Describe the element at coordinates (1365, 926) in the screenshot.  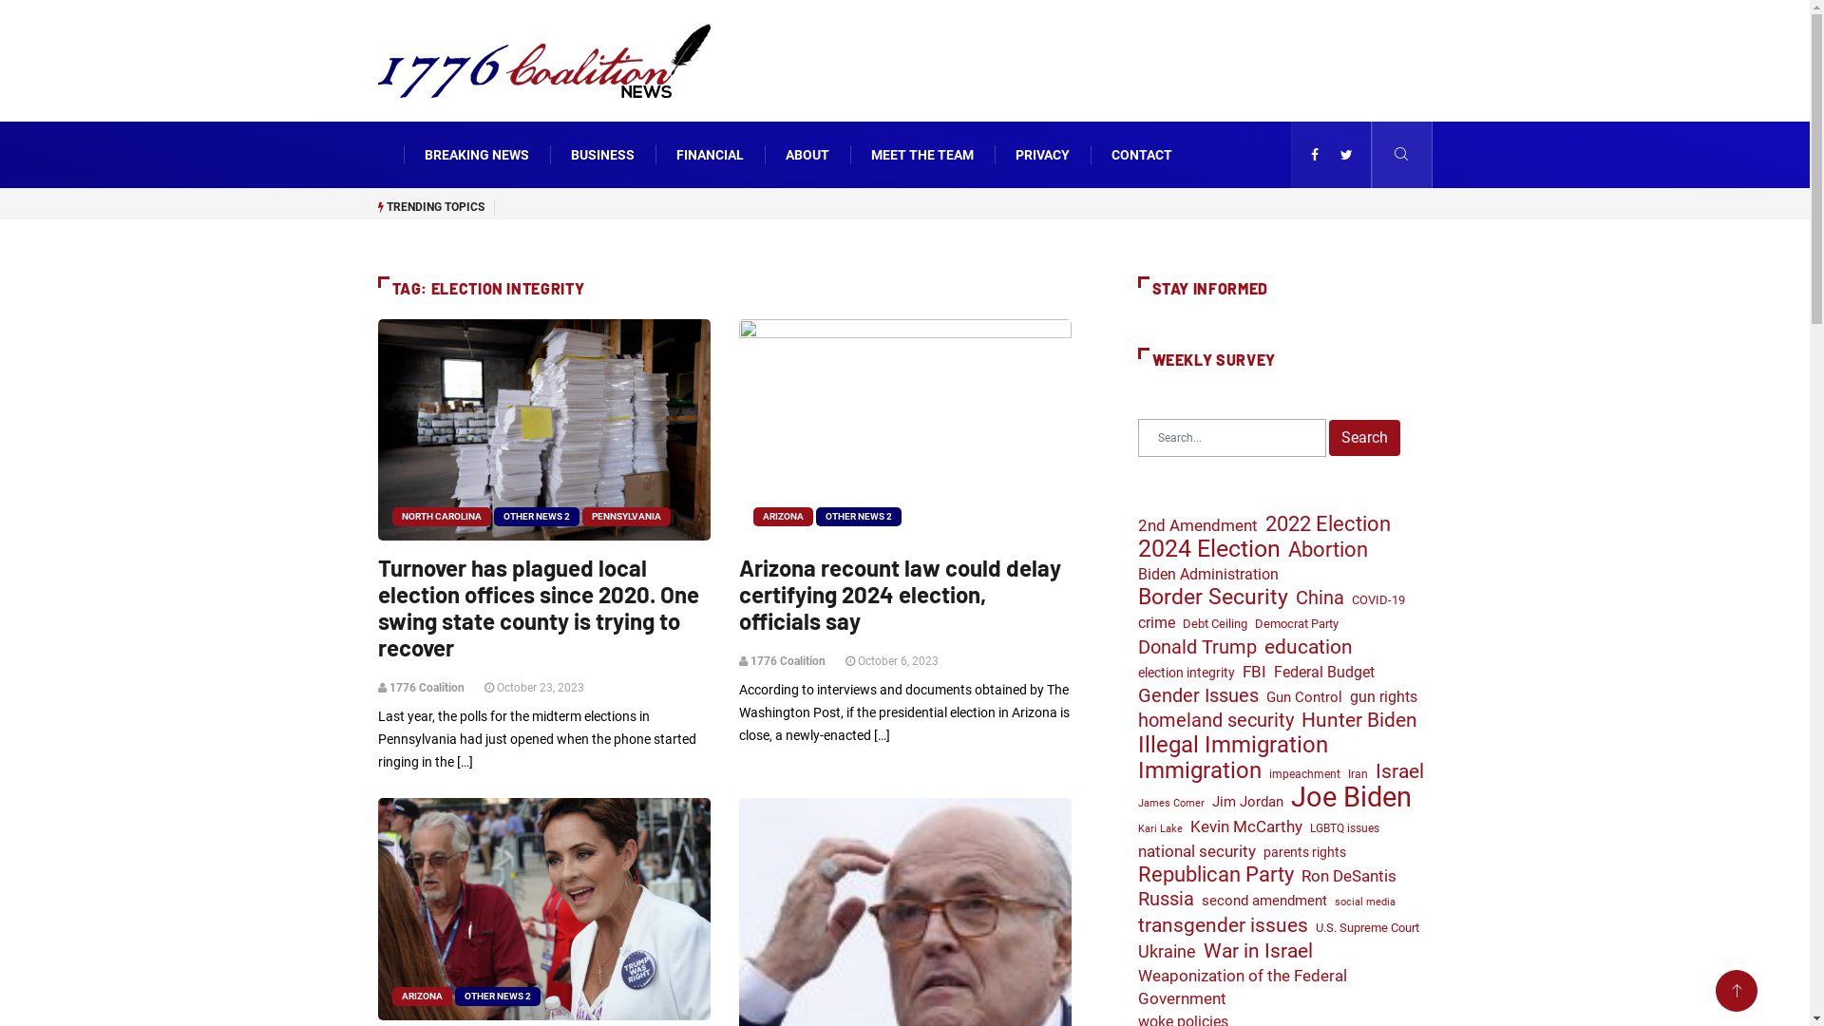
I see `'U.S. Supreme Court'` at that location.